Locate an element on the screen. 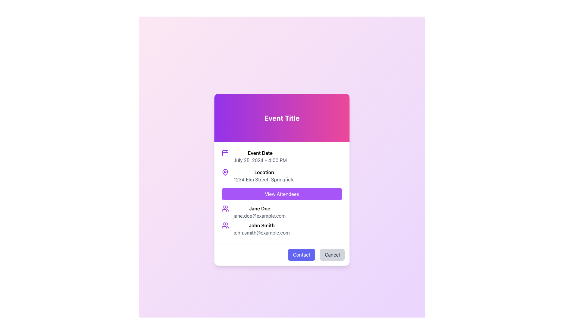 This screenshot has width=579, height=326. the user icon representing 'John Smith', which is located at the far left of the row layout containing user information is located at coordinates (225, 225).